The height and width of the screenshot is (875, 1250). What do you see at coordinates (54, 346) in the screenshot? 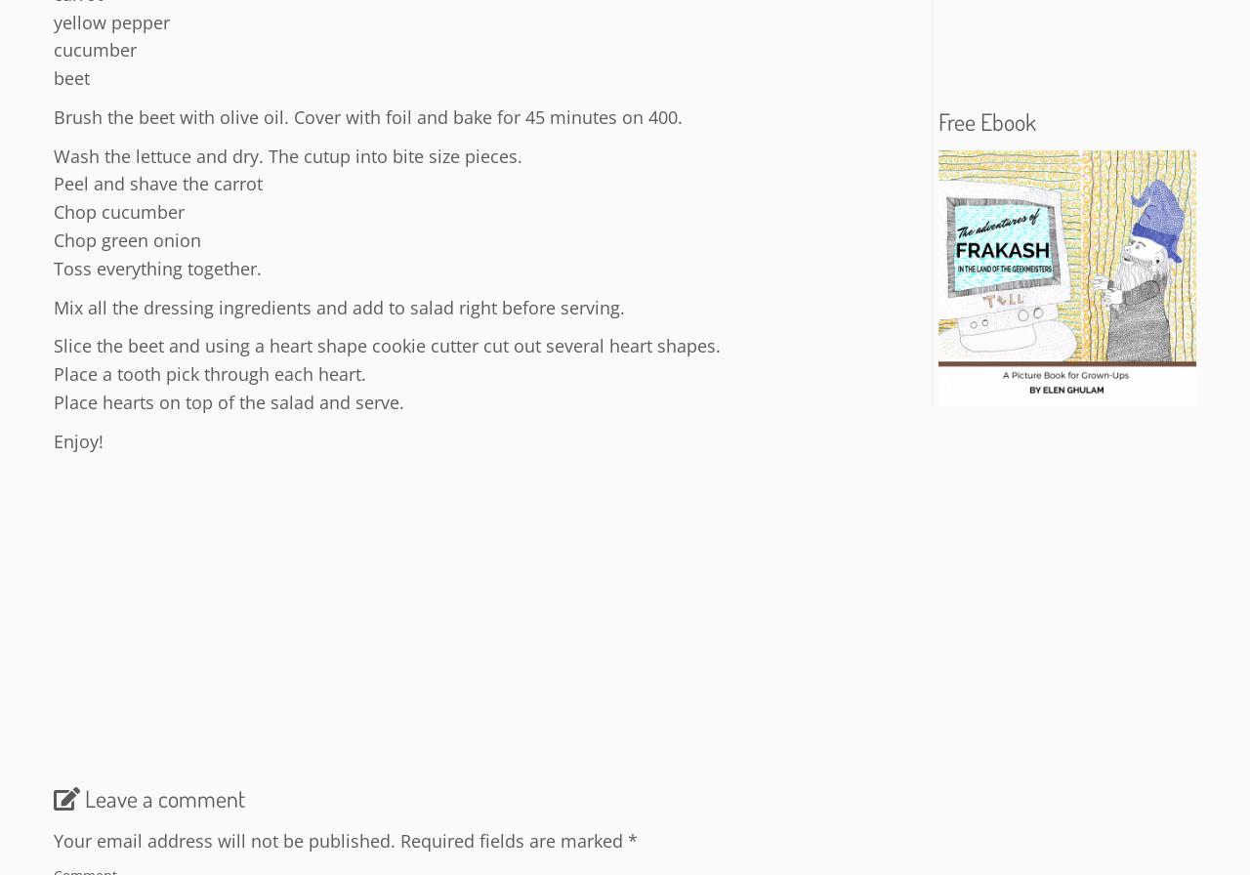
I see `'Slice the beet and using a heart shape cookie cutter cut out several heart shapes.'` at bounding box center [54, 346].